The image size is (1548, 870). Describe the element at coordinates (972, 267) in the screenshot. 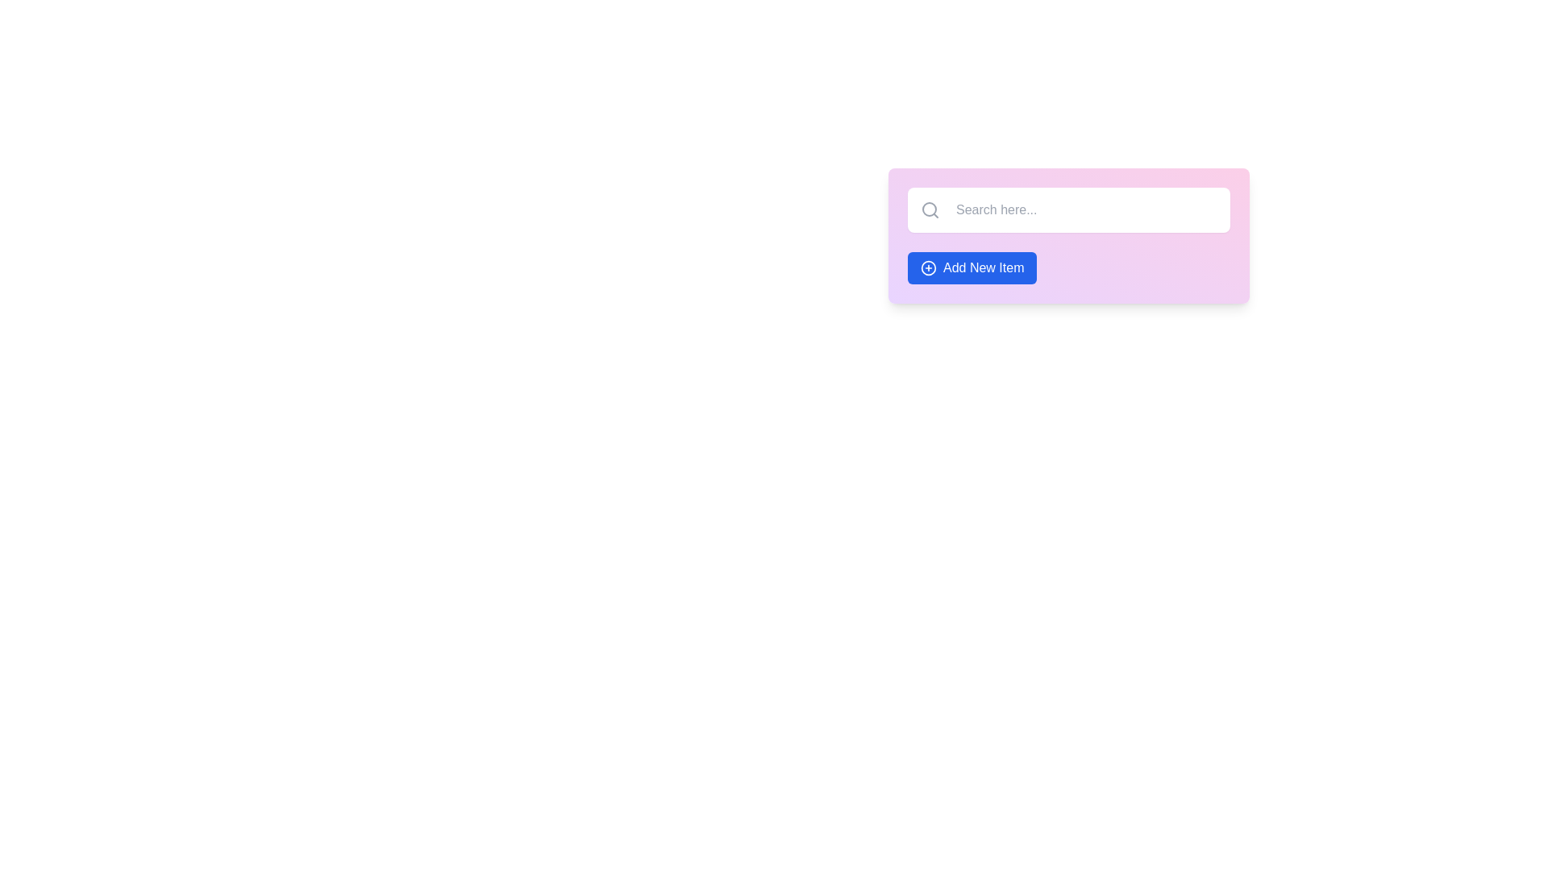

I see `the 'Add New Item' button` at that location.